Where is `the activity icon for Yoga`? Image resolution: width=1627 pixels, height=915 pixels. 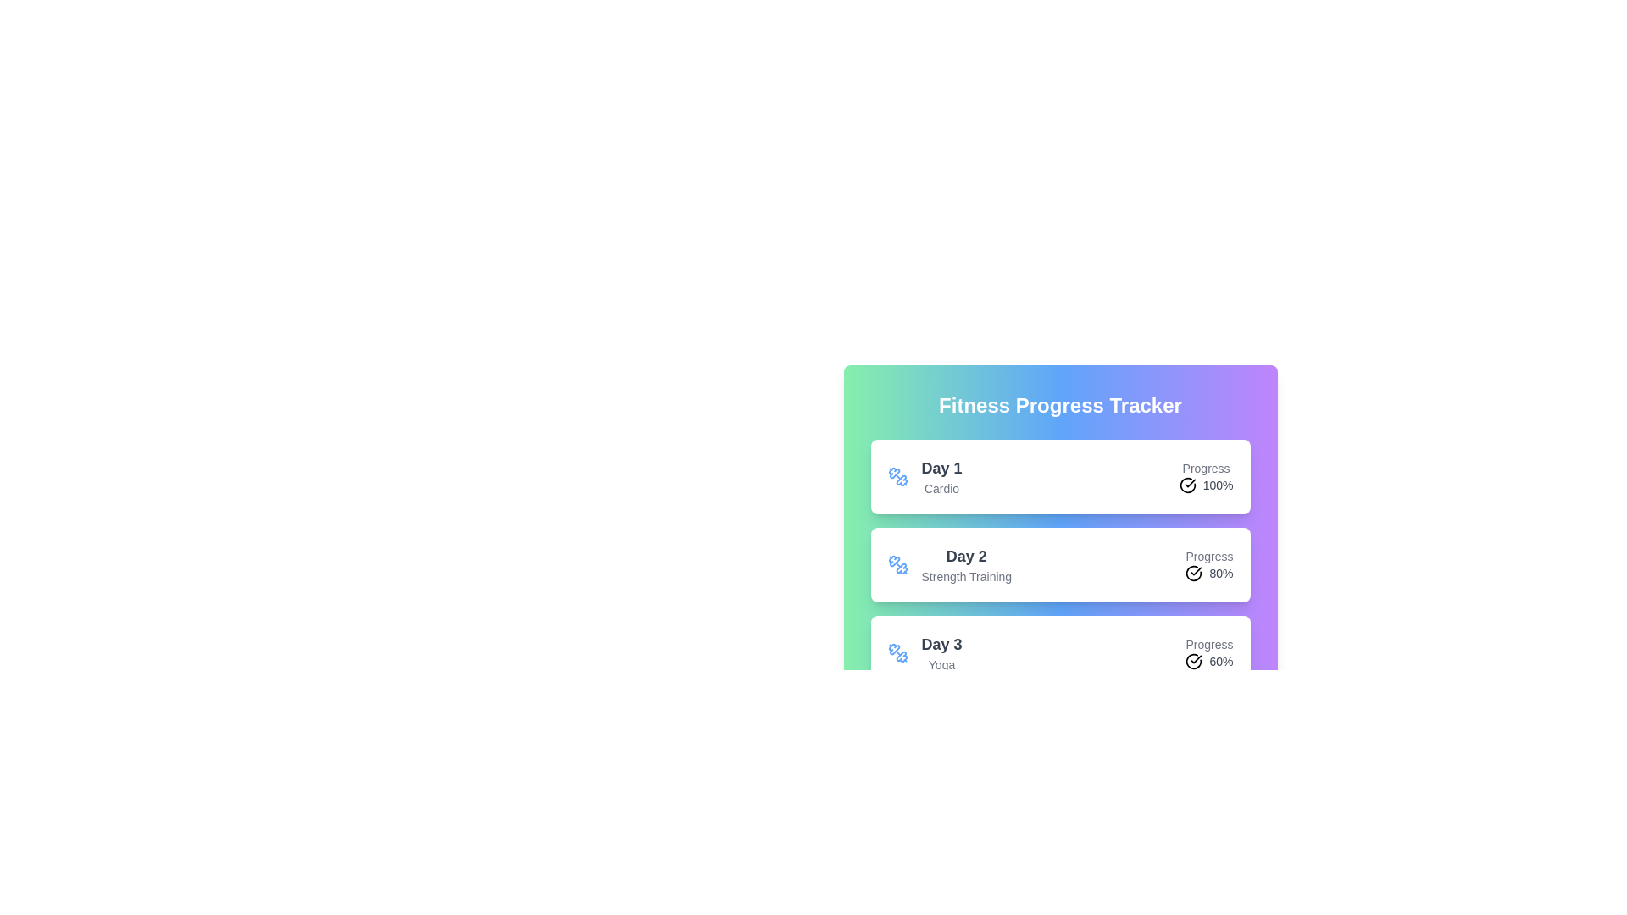 the activity icon for Yoga is located at coordinates (897, 652).